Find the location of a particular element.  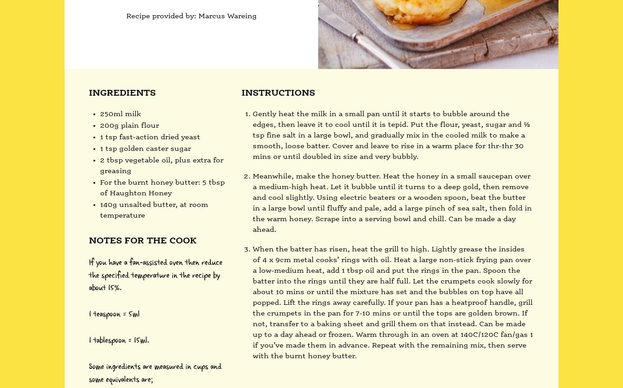

'When the batter has risen, heat the grill to high. Lightly grease the insides of 4 x 9cm metal cooks’ rings with oil. Heat a large non-stick frying pan over a low-medium heat, add 1 tbsp oil and put the rings in the pan. Spoon the batter into the rings until they are half full. Let the crumpets cook slowly for about 10 mins or until the mixture has set and the bubbles on top have all popped. Lift the rings away carefully. If your pan has a heatproof handle, grill the crumpets in the pan for 7-10 mins or until the tops are golden brown. If not, transfer to a baking sheet and grill them on that instead. Can be made up to a day ahead or frozen. Warm through in an oven at 140C/120C fan/gas 1 if you’ve made them in advance. Repeat with the remaining mix, then serve with the burnt honey butter.' is located at coordinates (252, 302).